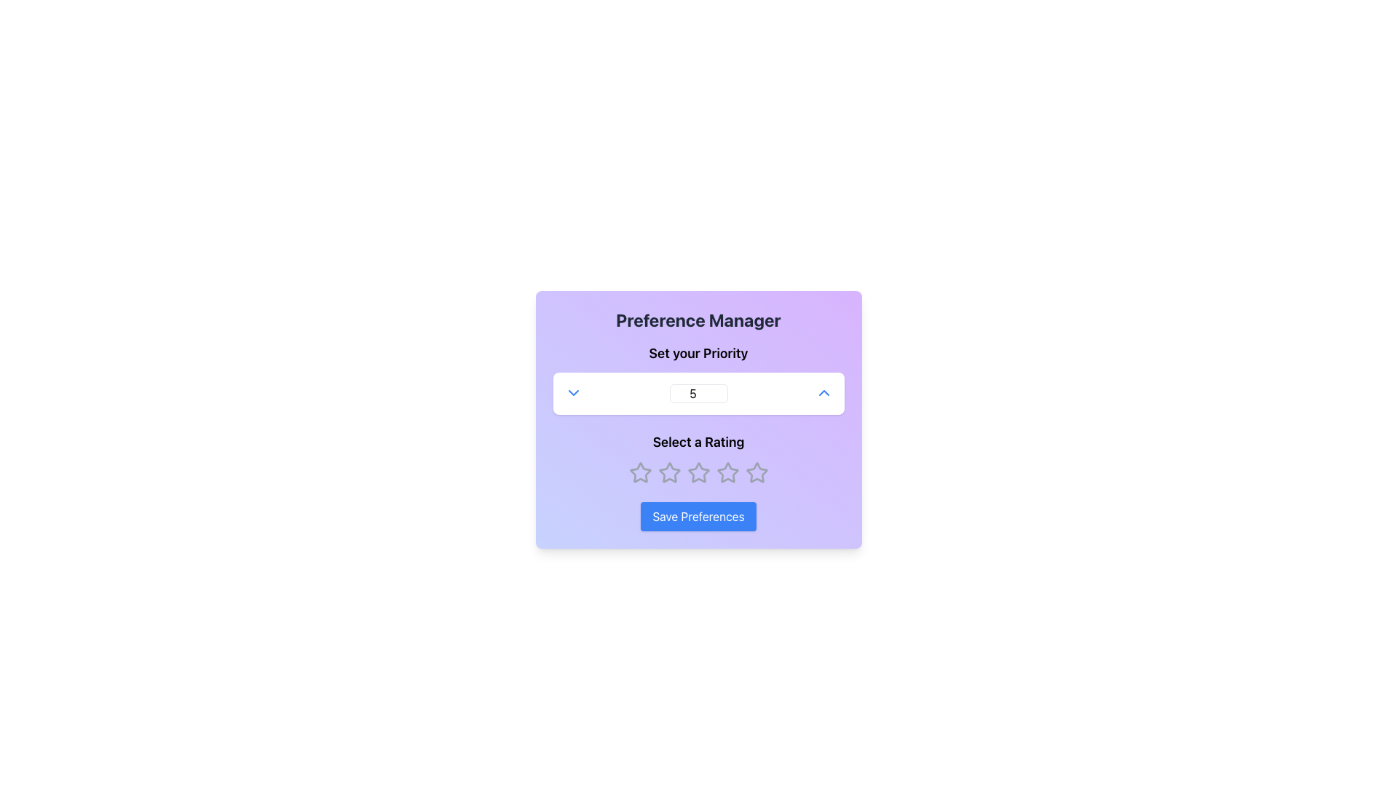 This screenshot has height=786, width=1398. I want to click on to focus on the Number Input Field that displays the number '5', which is a rectangular input box with a white background and thin black border, located centrally between two arrow buttons, so click(698, 393).